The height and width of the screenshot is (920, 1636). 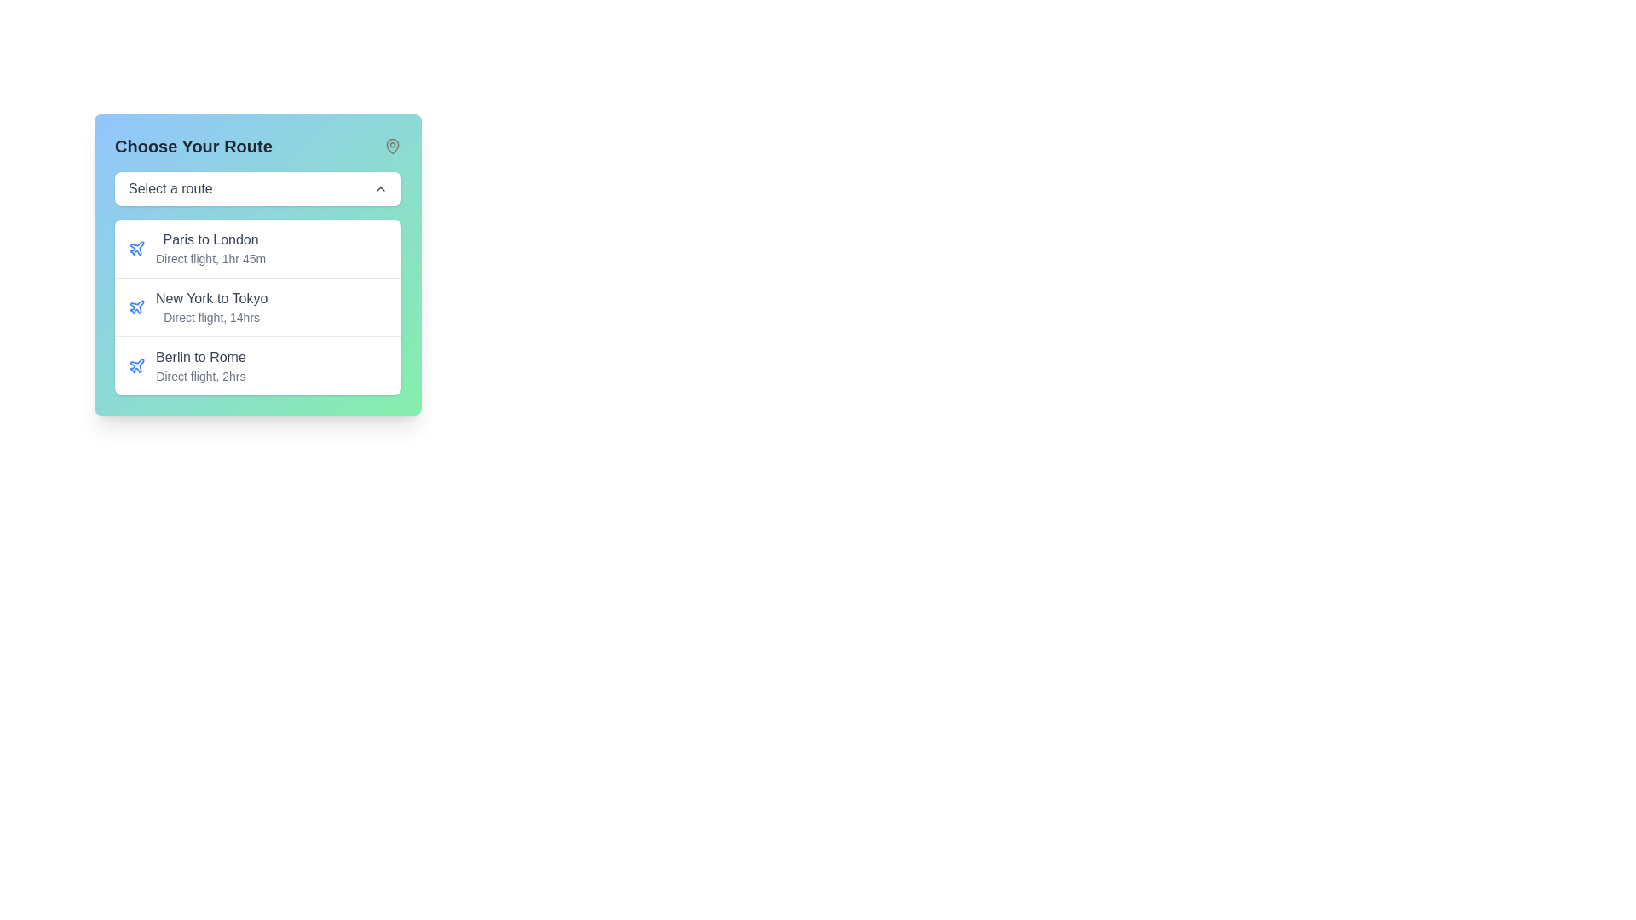 I want to click on the first list item labeled 'Paris to London', so click(x=256, y=249).